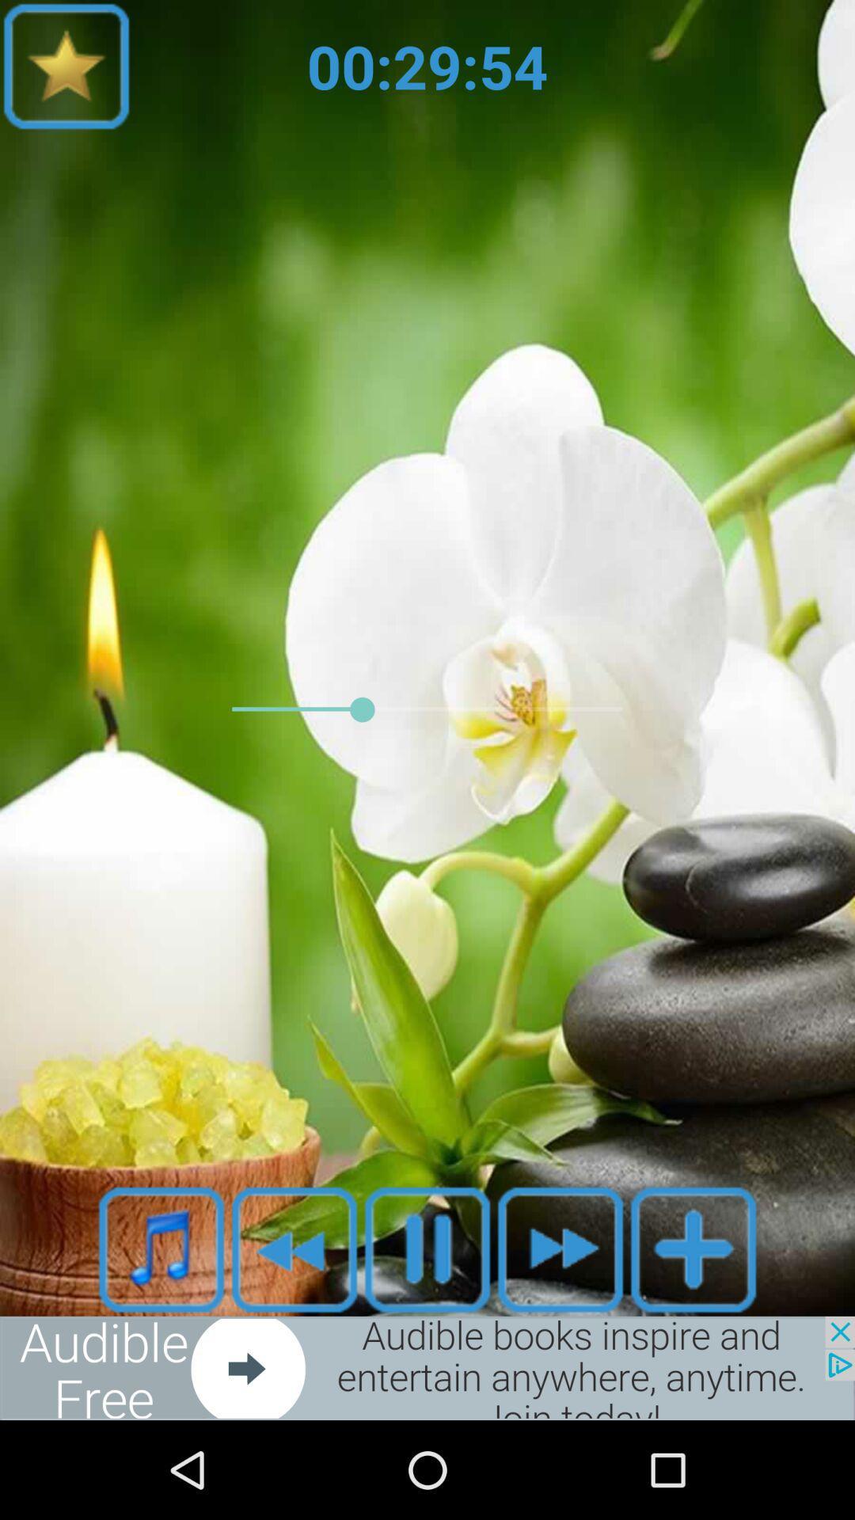 This screenshot has width=855, height=1520. I want to click on undo button, so click(294, 1248).